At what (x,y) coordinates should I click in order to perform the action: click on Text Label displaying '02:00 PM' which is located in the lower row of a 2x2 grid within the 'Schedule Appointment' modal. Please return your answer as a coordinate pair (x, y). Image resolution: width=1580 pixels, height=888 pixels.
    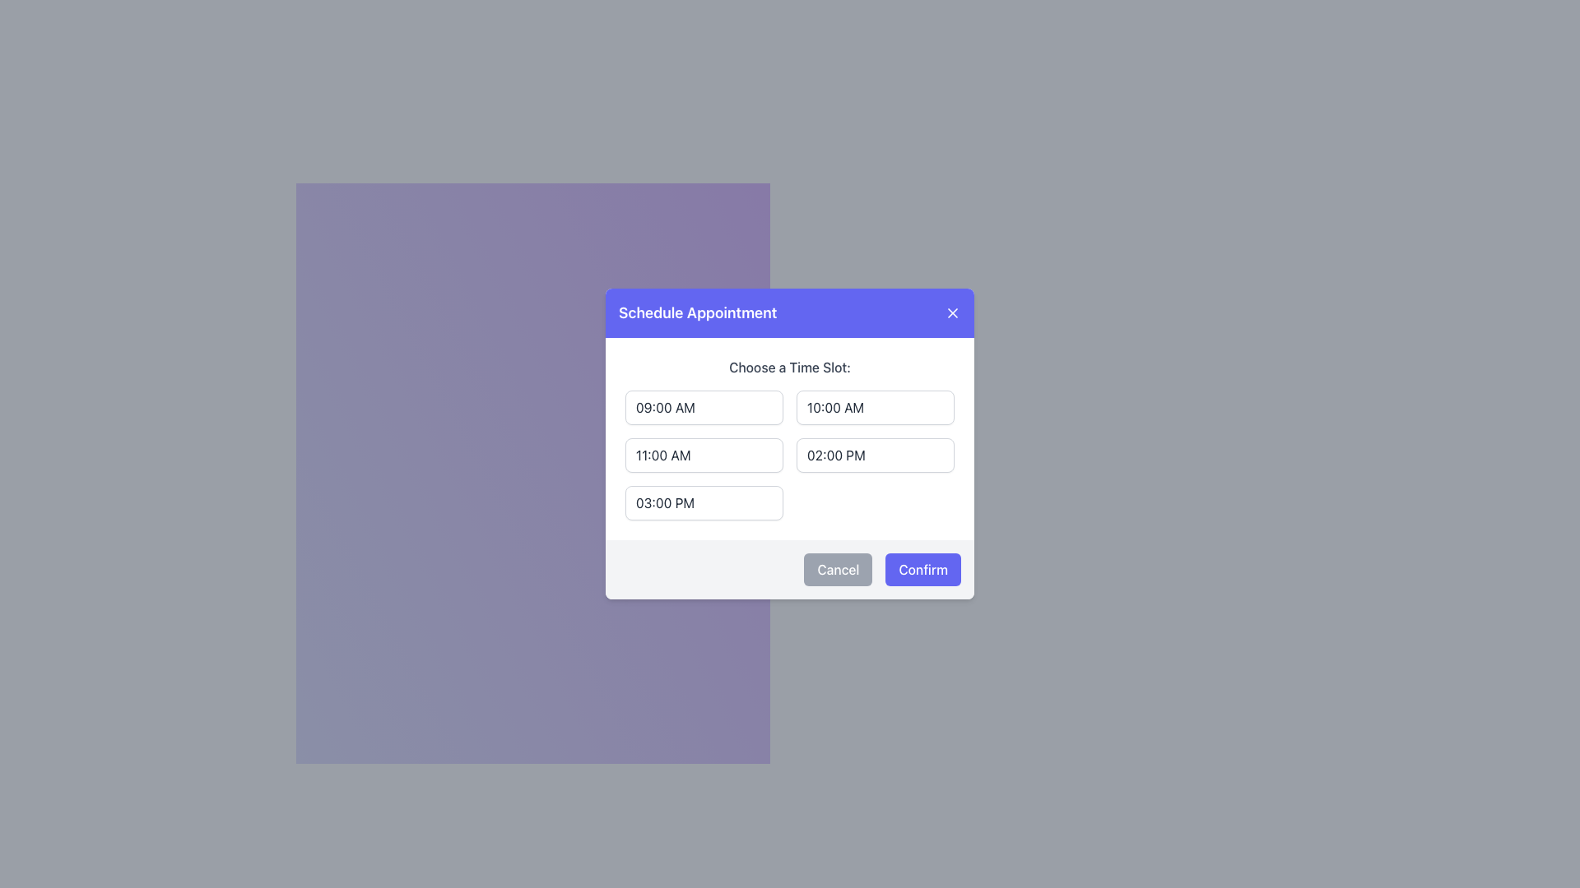
    Looking at the image, I should click on (836, 456).